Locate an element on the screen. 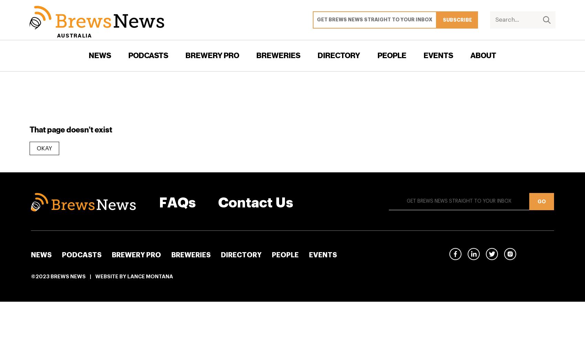  'Brews News Week' is located at coordinates (155, 114).